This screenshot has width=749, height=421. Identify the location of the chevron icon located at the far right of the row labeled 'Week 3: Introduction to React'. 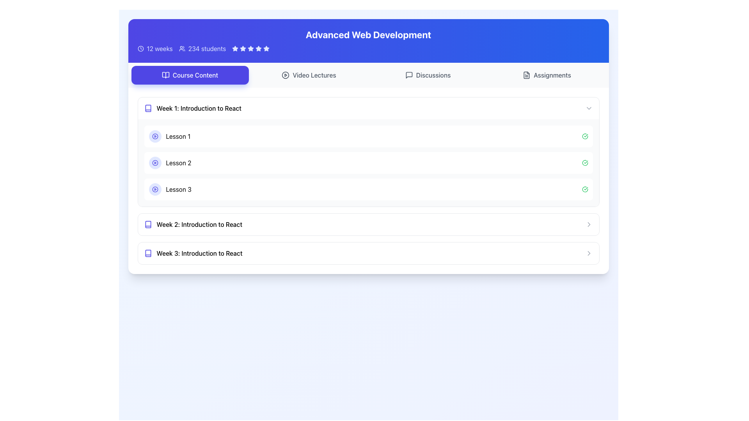
(589, 253).